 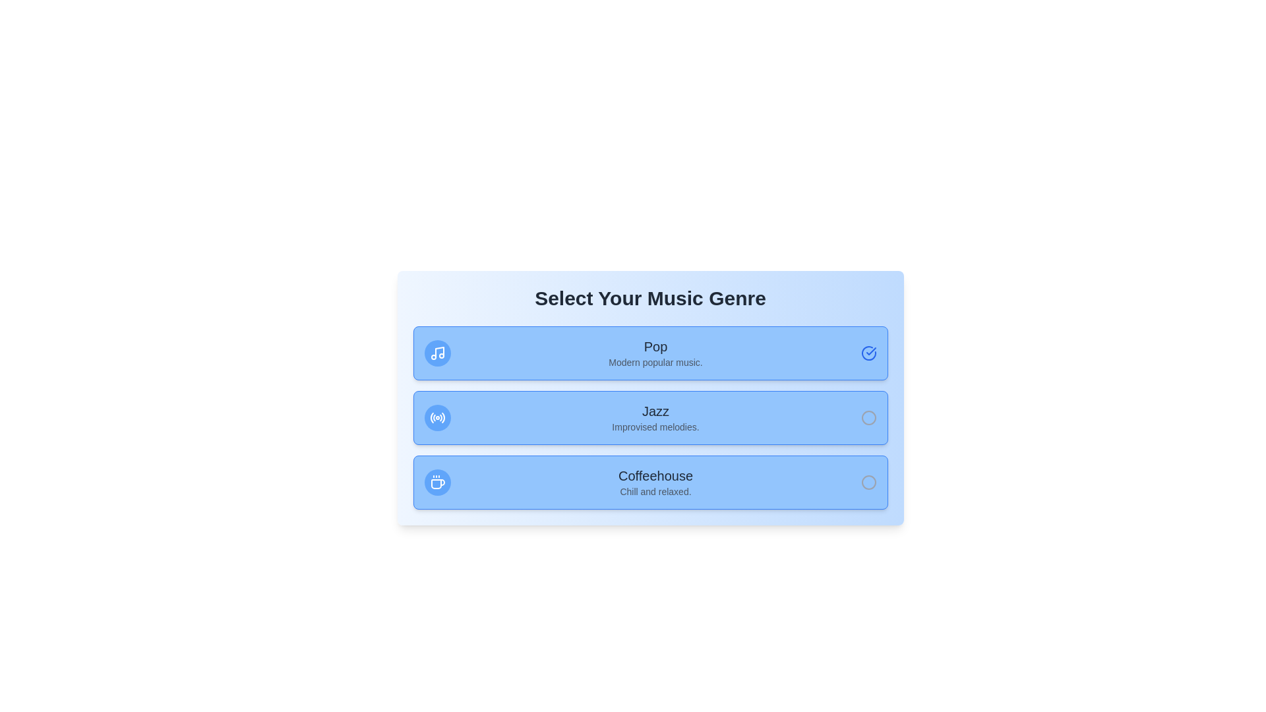 What do you see at coordinates (868, 353) in the screenshot?
I see `the selection icon located at the far right of the 'Pop - Modern popular music.' card` at bounding box center [868, 353].